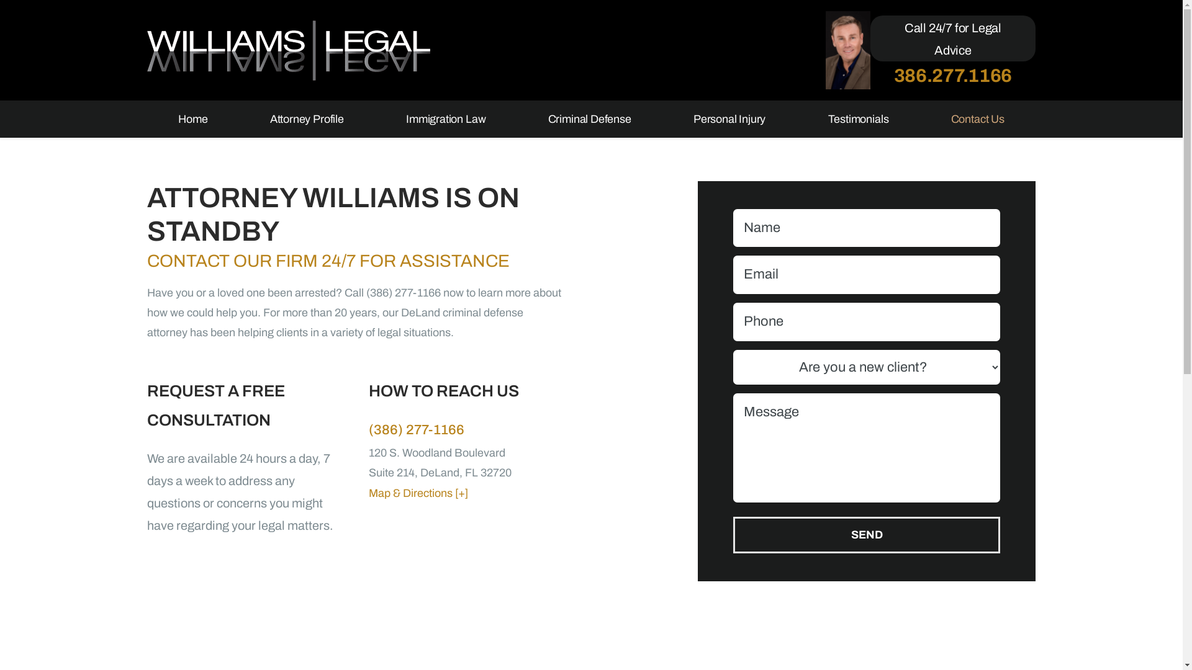 The image size is (1192, 670). Describe the element at coordinates (977, 119) in the screenshot. I see `'Contact Us'` at that location.